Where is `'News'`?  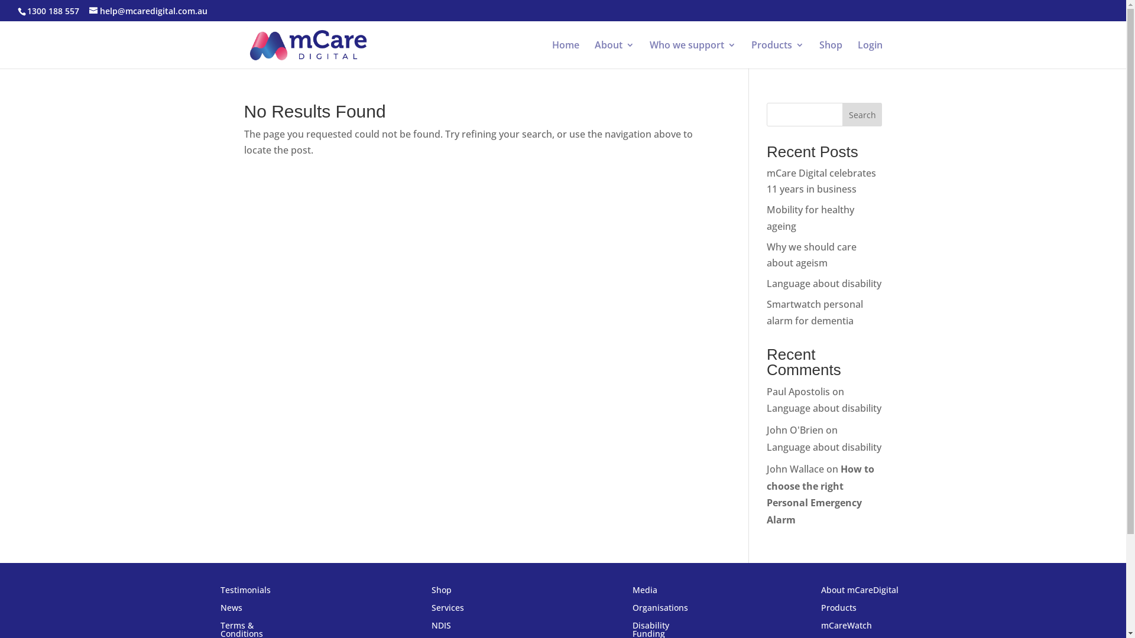 'News' is located at coordinates (231, 610).